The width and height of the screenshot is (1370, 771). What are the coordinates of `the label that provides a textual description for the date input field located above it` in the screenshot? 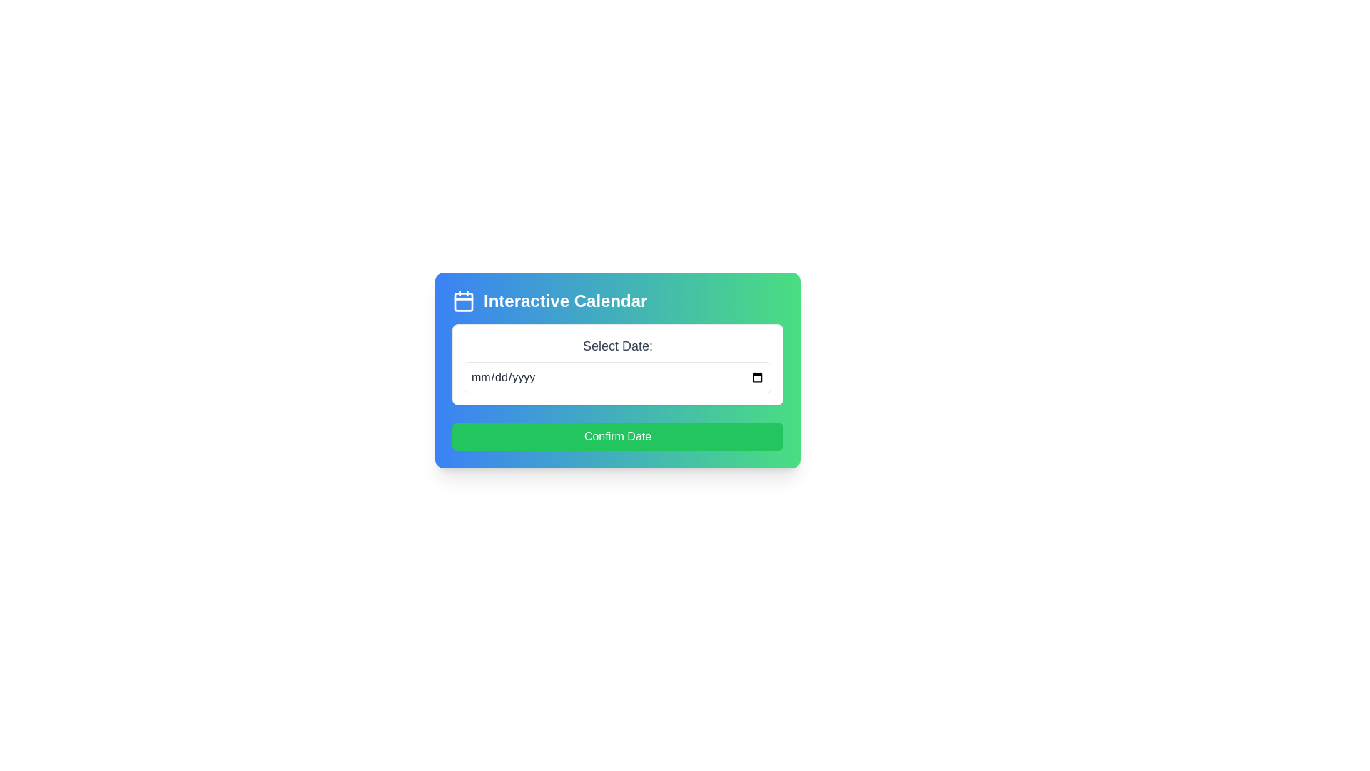 It's located at (617, 346).